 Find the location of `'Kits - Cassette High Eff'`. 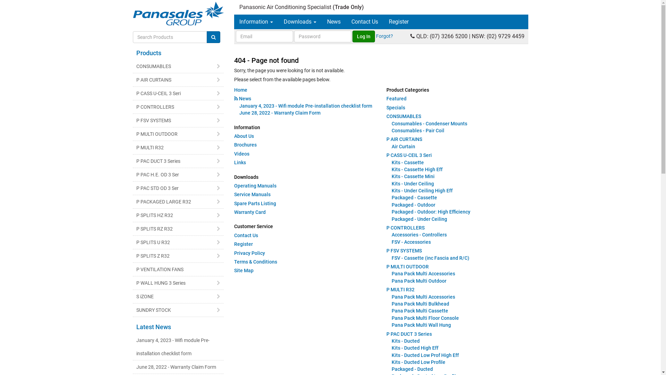

'Kits - Cassette High Eff' is located at coordinates (417, 169).